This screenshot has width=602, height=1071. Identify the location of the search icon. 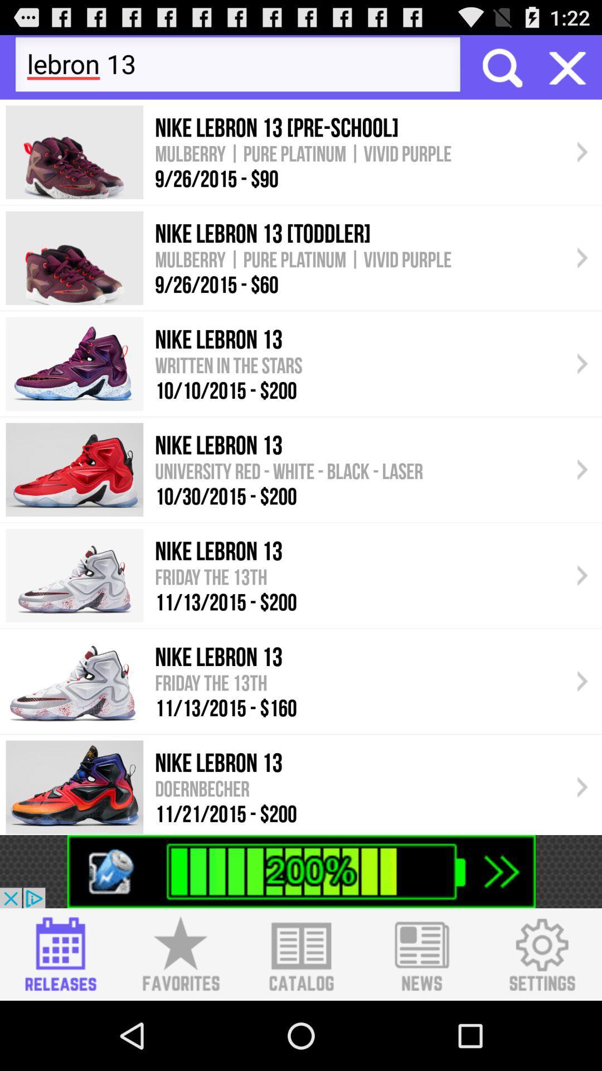
(501, 71).